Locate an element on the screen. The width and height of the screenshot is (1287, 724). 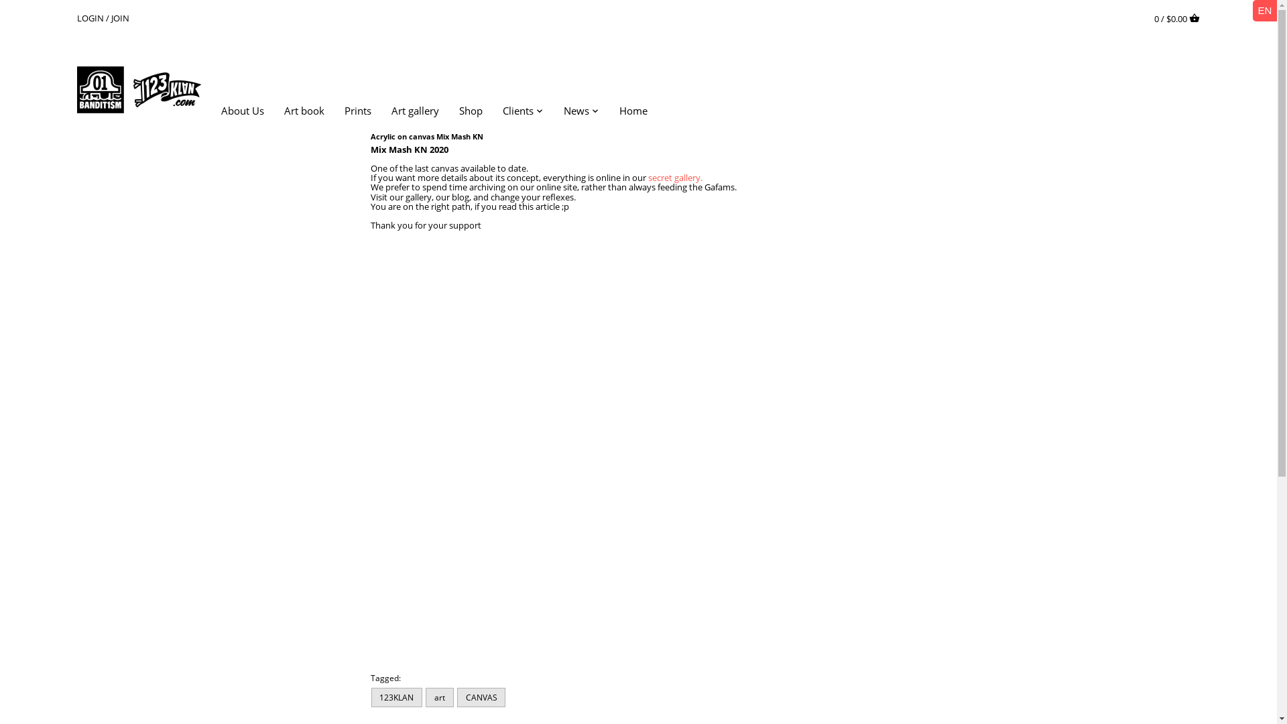
'LOGIN' is located at coordinates (76, 17).